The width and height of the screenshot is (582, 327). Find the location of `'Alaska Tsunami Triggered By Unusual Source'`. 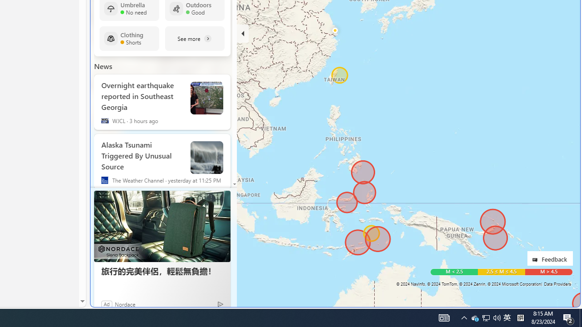

'Alaska Tsunami Triggered By Unusual Source' is located at coordinates (141, 154).